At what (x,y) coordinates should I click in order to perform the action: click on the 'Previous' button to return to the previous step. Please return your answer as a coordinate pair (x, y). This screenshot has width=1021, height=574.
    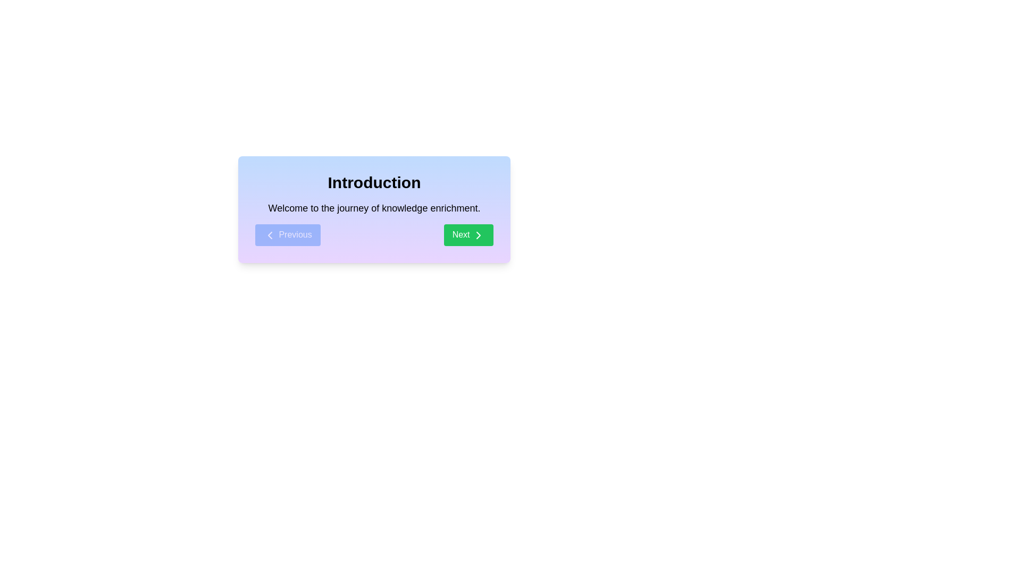
    Looking at the image, I should click on (288, 234).